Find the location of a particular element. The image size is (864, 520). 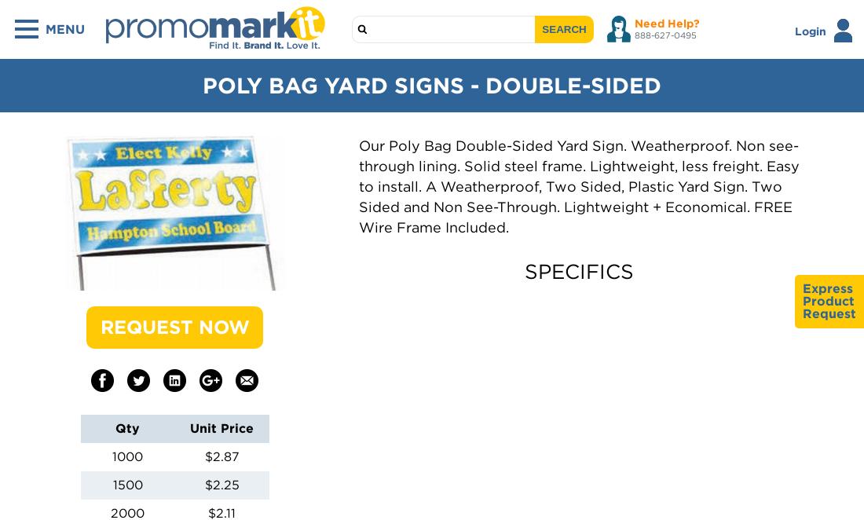

'$2.25' is located at coordinates (221, 484).